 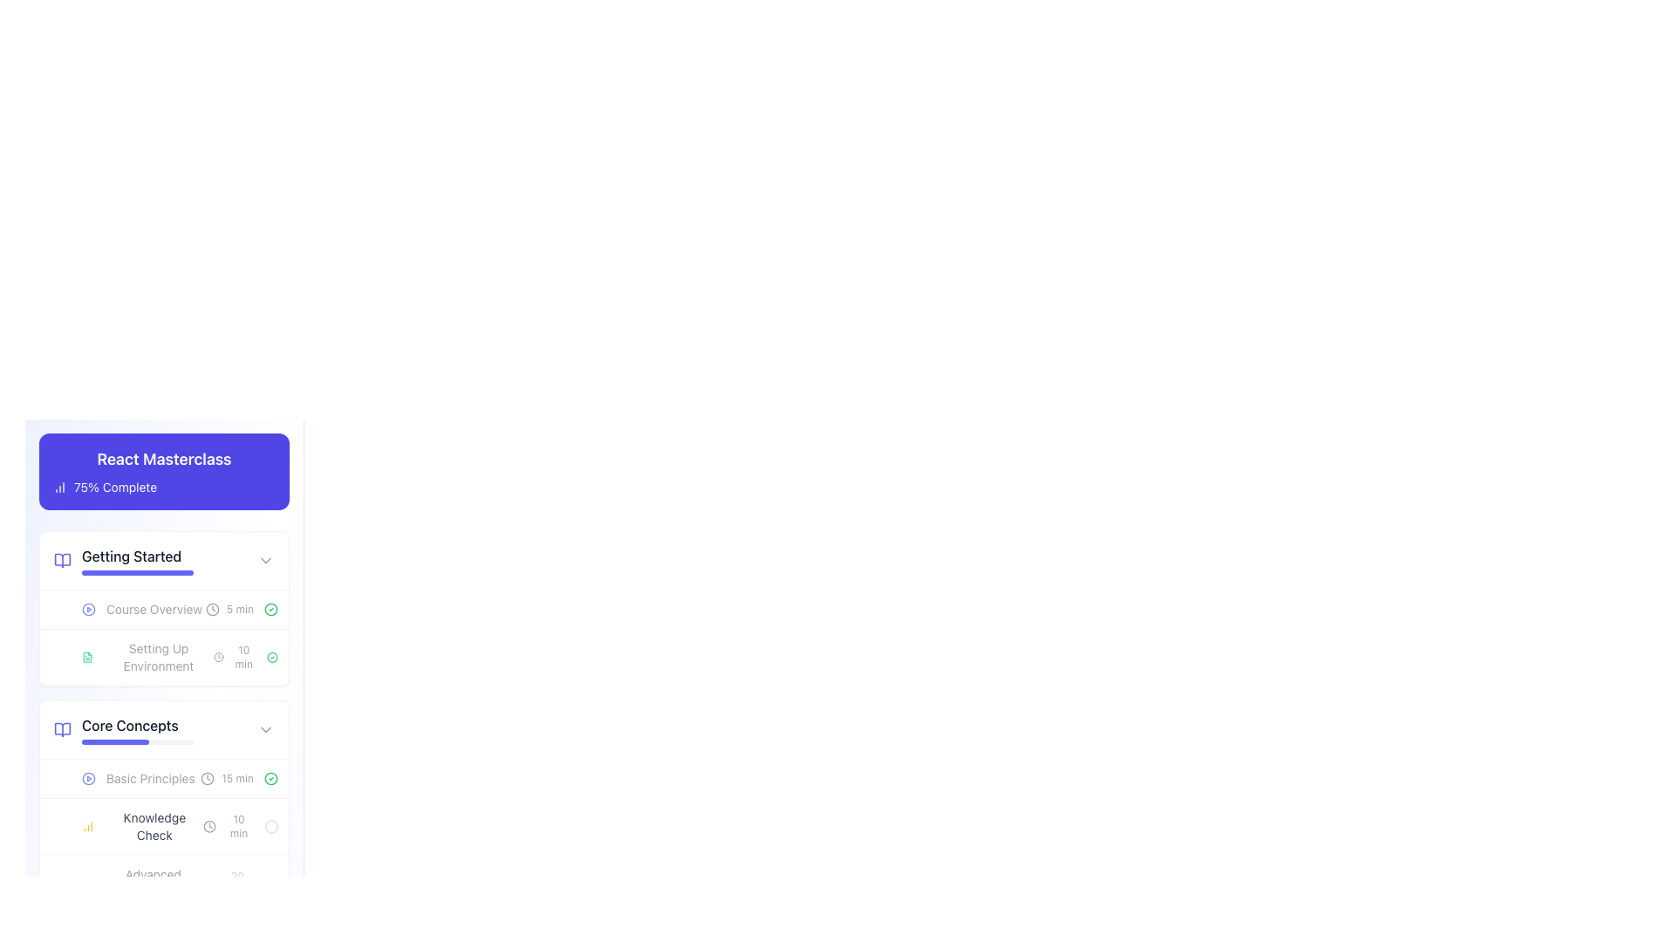 I want to click on the text label displaying '10 min' located in the 'Knowledge Check' section of the 'Core Concepts' module, which is the rightmost component of its row, so click(x=237, y=826).